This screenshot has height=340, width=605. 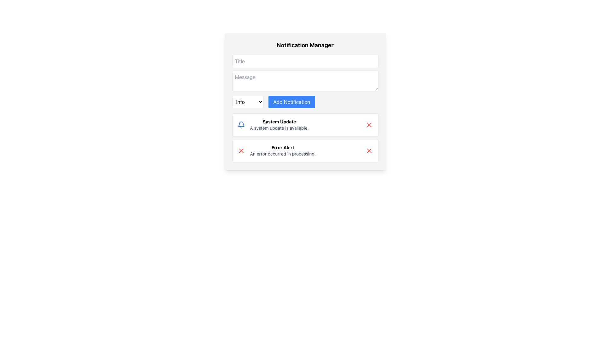 What do you see at coordinates (247, 102) in the screenshot?
I see `the 'Info' dropdown menu button located in the upper left corner of the toolbar` at bounding box center [247, 102].